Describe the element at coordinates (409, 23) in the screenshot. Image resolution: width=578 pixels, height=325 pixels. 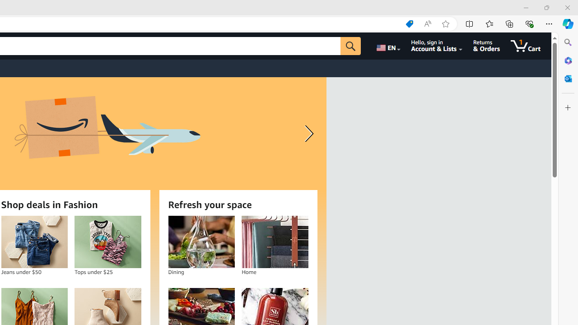
I see `'Shopping in Microsoft Edge'` at that location.